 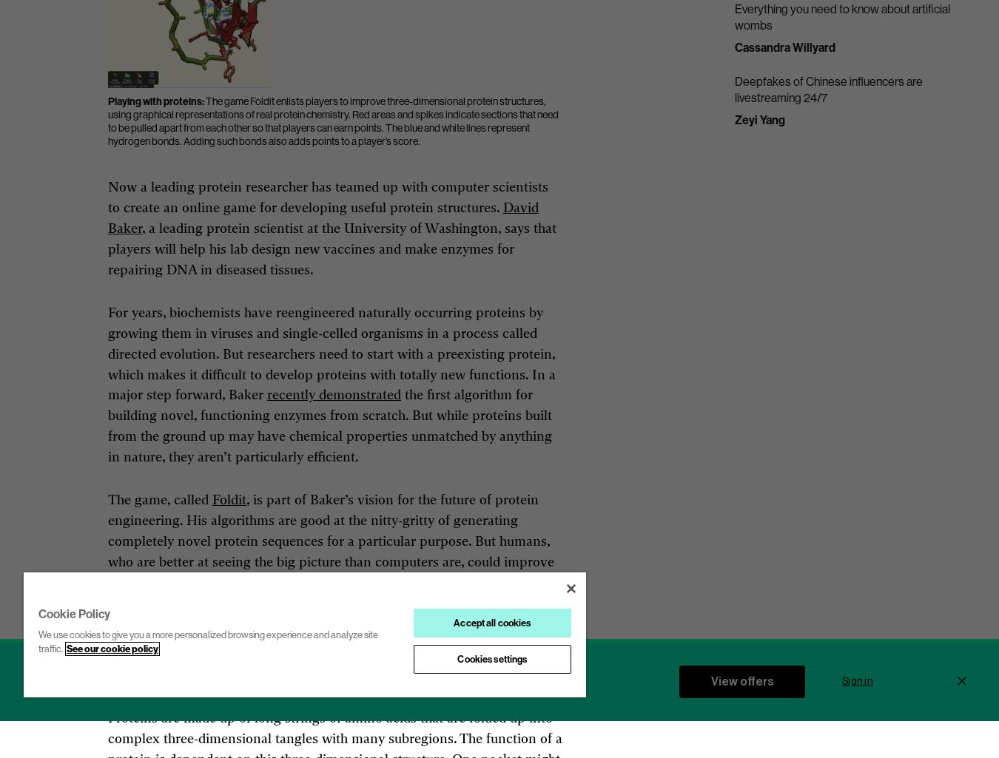 I want to click on ', a leading protein scientist at the University of Washington, says that players will help his lab design new vaccines and make enzymes for repairing DNA in diseased tissues.', so click(x=107, y=249).